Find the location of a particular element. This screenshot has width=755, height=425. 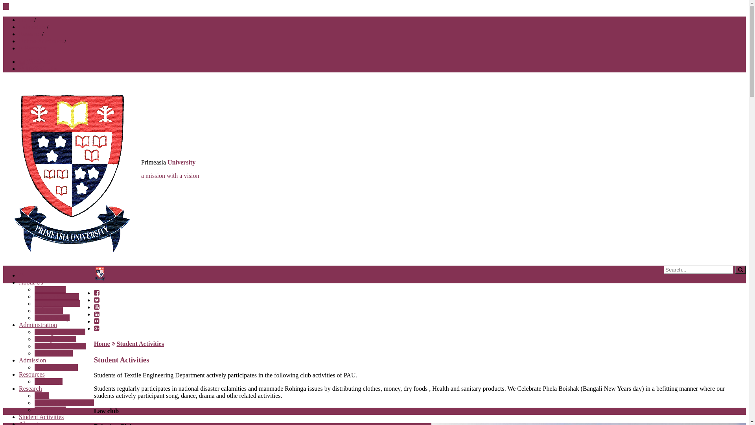

'Administration' is located at coordinates (37, 325).